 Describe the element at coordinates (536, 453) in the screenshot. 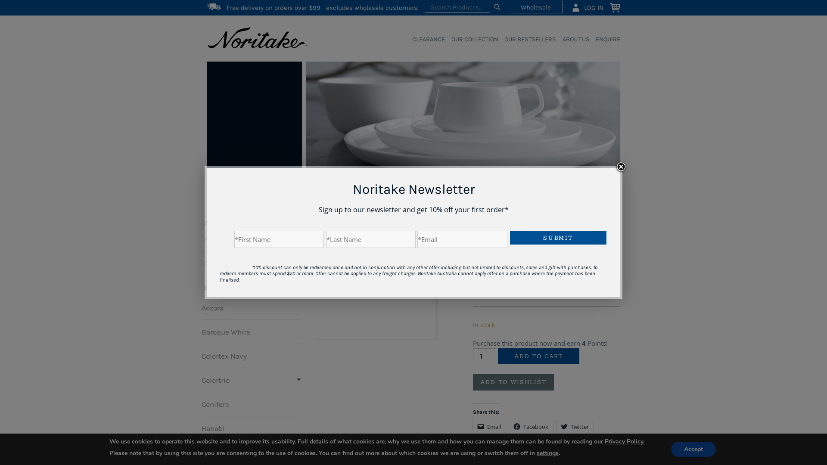

I see `'settings'` at that location.